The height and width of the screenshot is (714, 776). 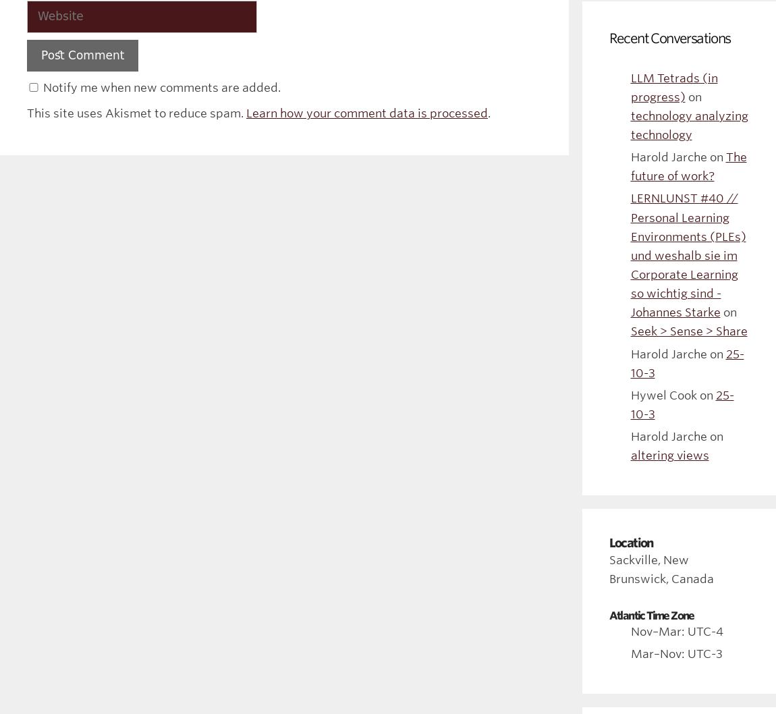 What do you see at coordinates (488, 113) in the screenshot?
I see `'.'` at bounding box center [488, 113].